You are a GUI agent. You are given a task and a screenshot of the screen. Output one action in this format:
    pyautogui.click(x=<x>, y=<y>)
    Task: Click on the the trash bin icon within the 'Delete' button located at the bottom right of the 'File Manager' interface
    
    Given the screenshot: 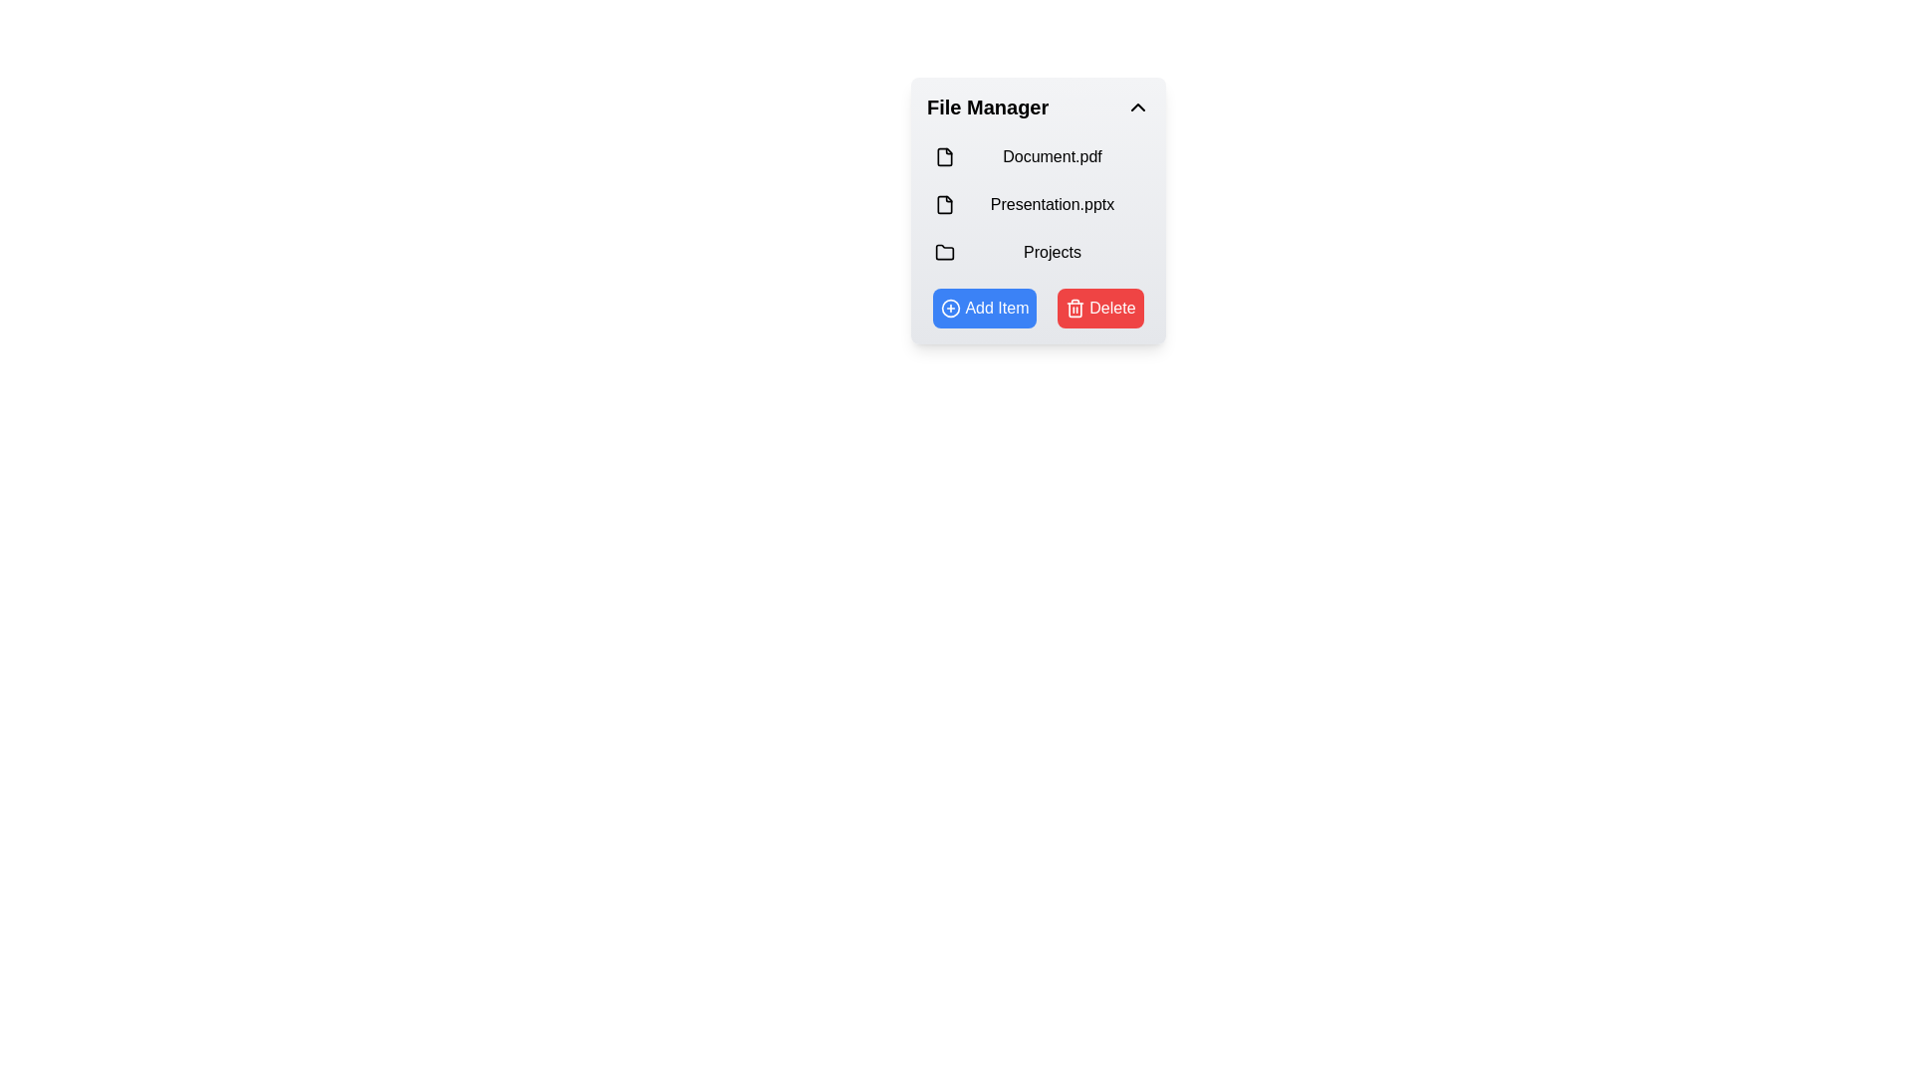 What is the action you would take?
    pyautogui.click(x=1075, y=308)
    